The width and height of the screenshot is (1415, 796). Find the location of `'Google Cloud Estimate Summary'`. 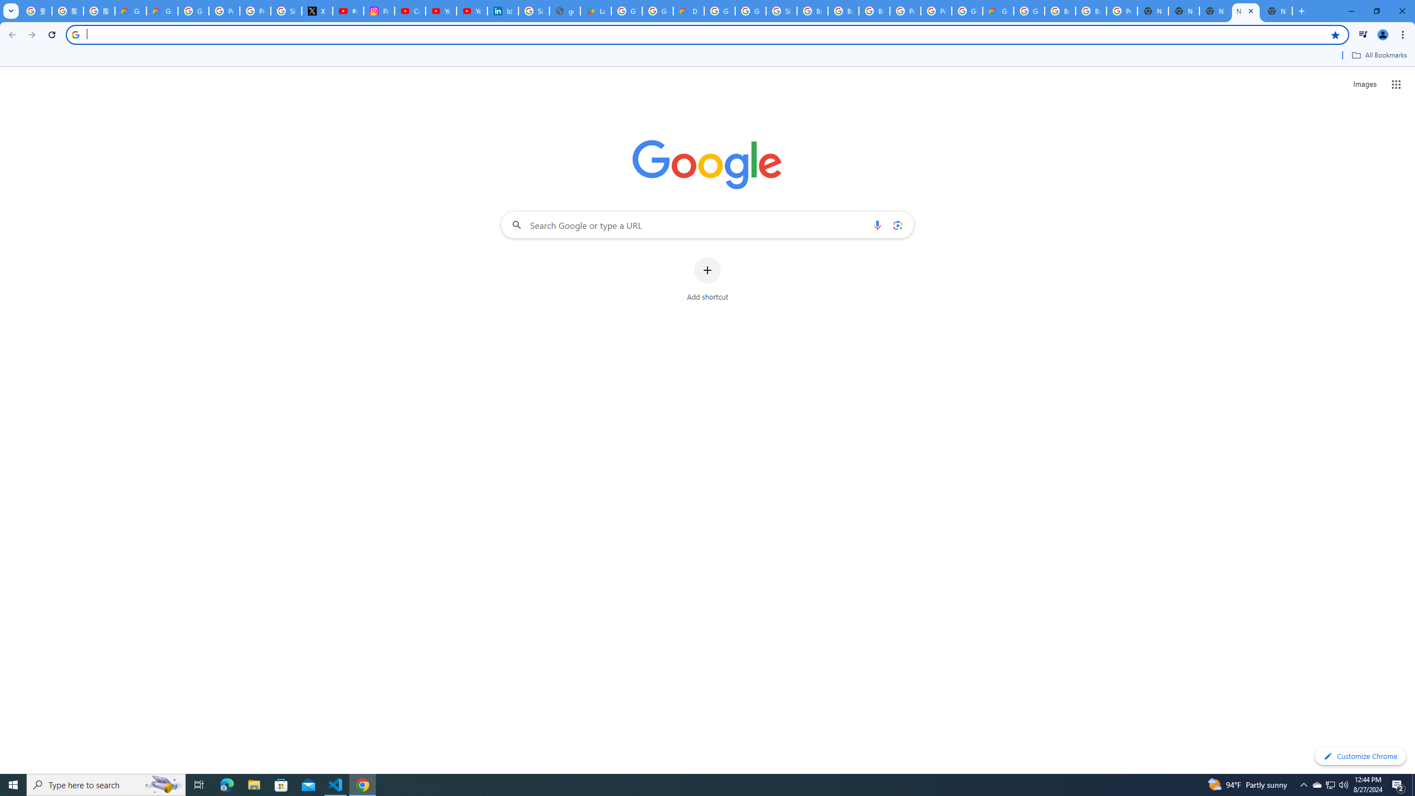

'Google Cloud Estimate Summary' is located at coordinates (998, 11).